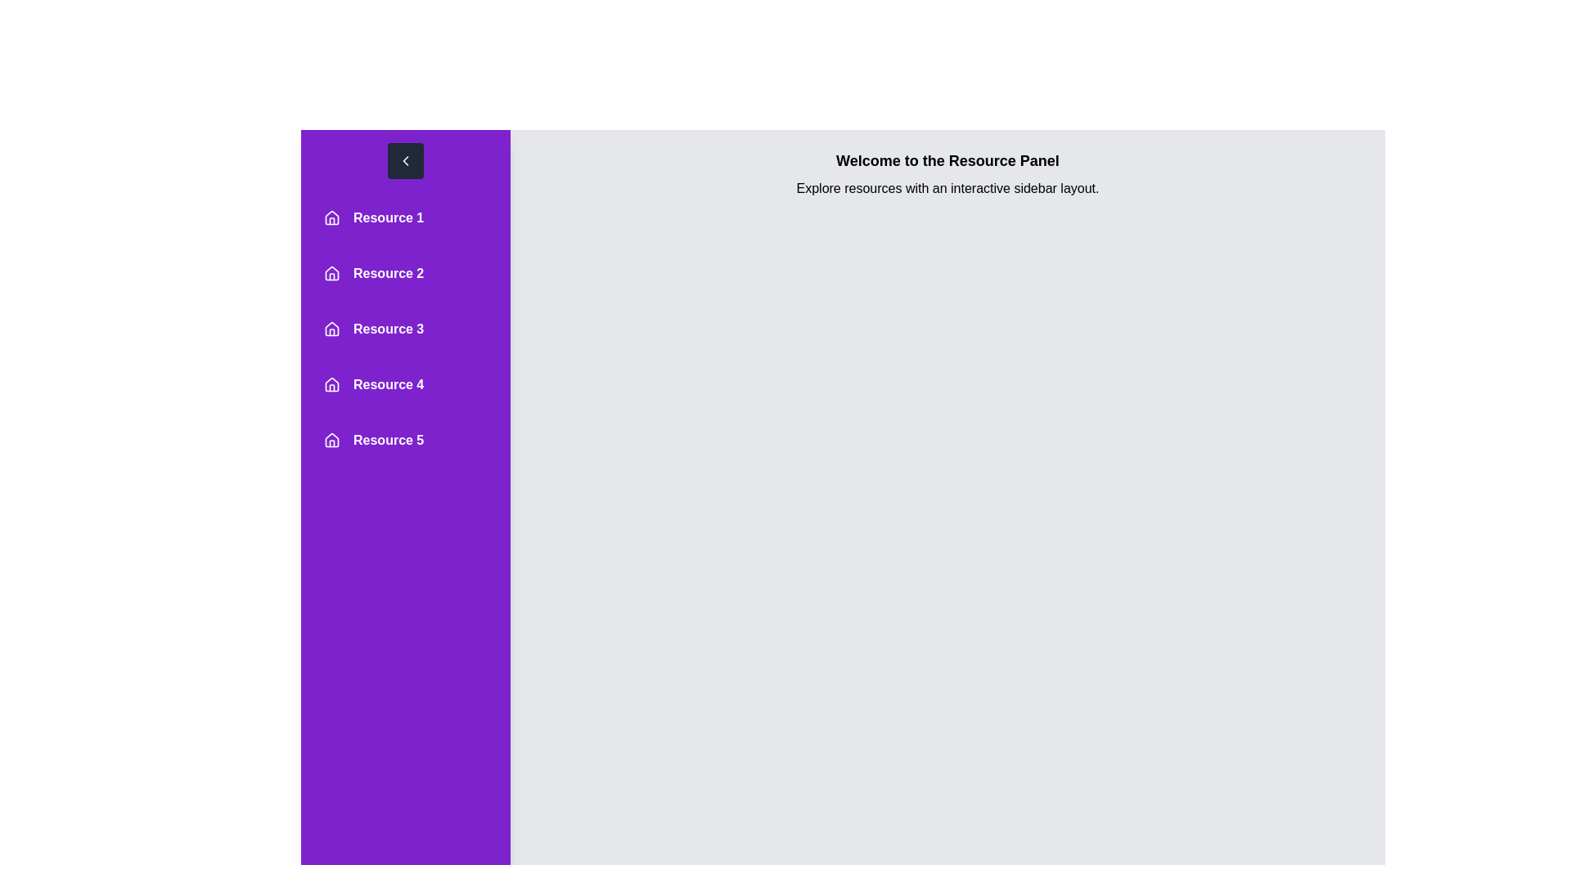 The width and height of the screenshot is (1571, 883). I want to click on the resource entry corresponding to Resource 4, so click(405, 384).